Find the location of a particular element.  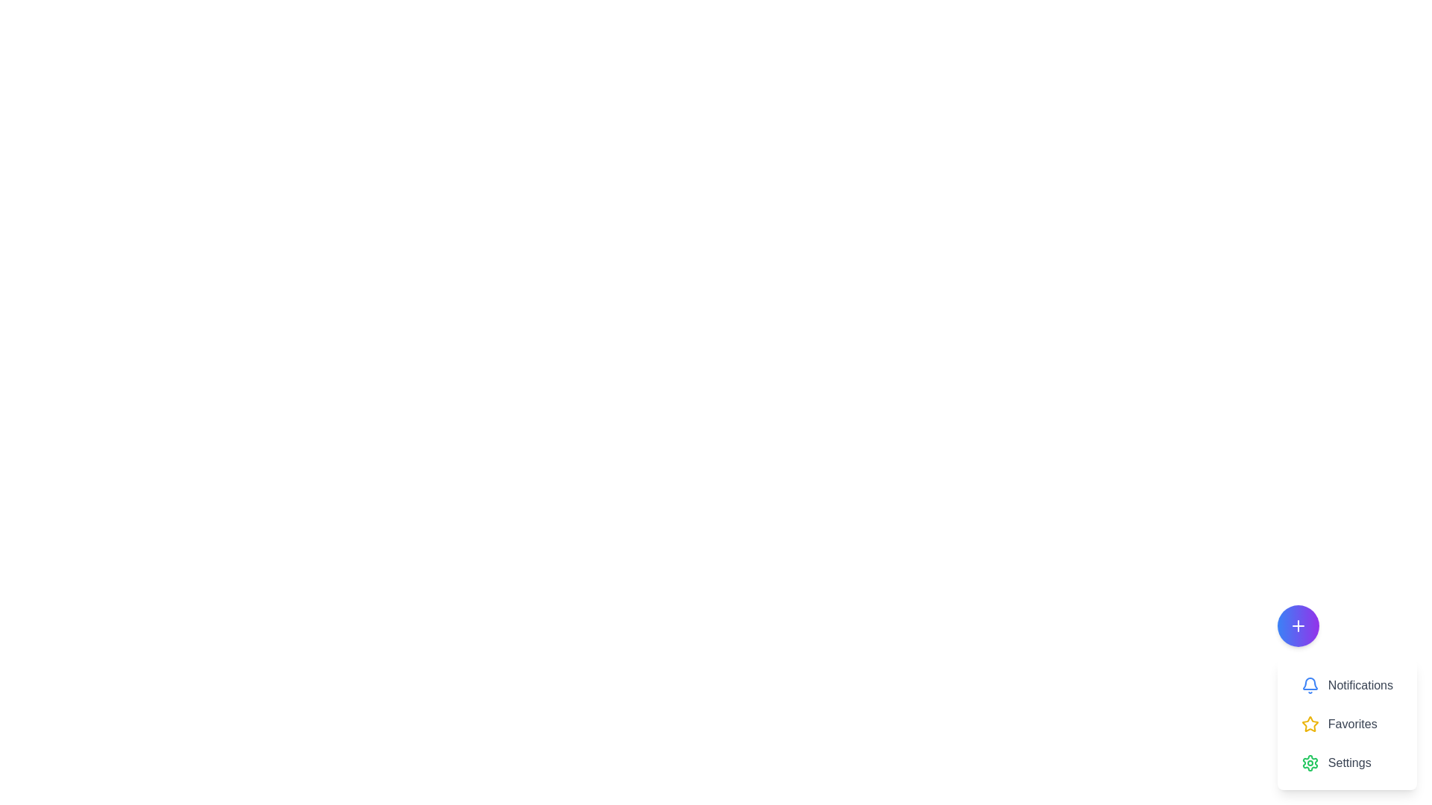

the 'Favorites' menu item located in the bottom right corner of the application interface is located at coordinates (1347, 724).